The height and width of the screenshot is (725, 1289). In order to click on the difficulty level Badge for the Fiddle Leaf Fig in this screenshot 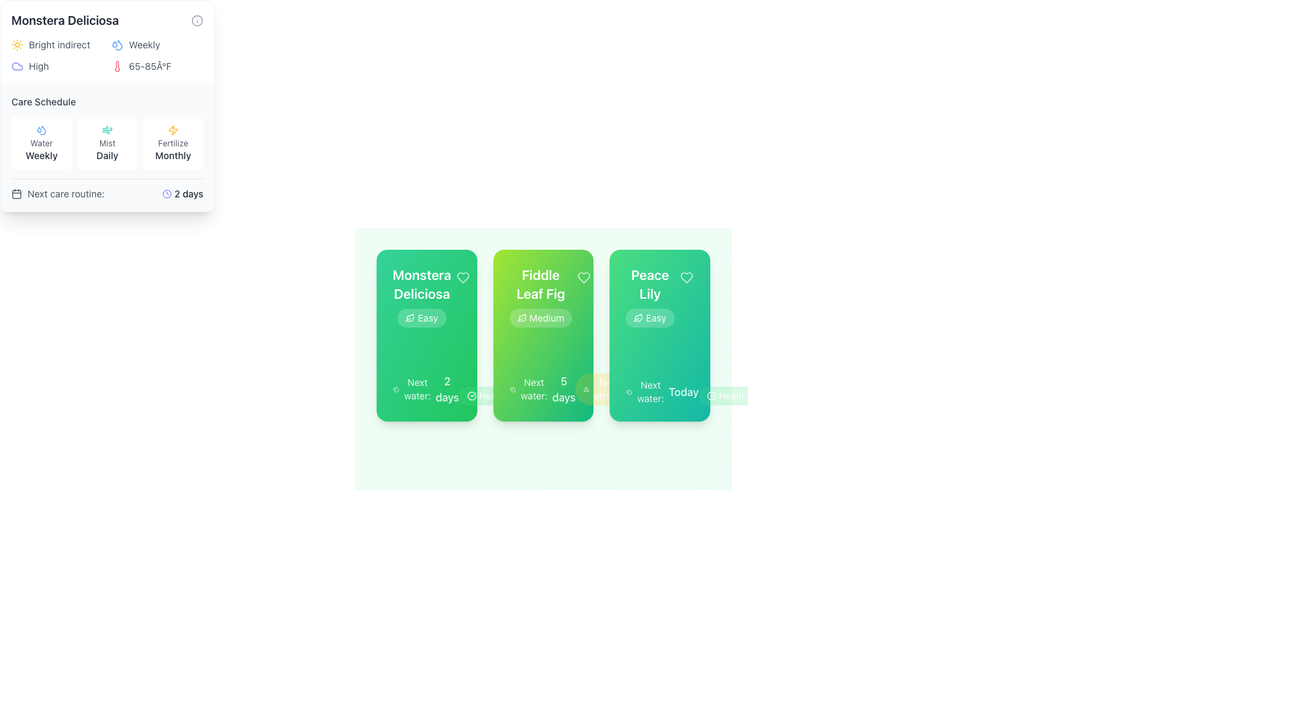, I will do `click(540, 318)`.